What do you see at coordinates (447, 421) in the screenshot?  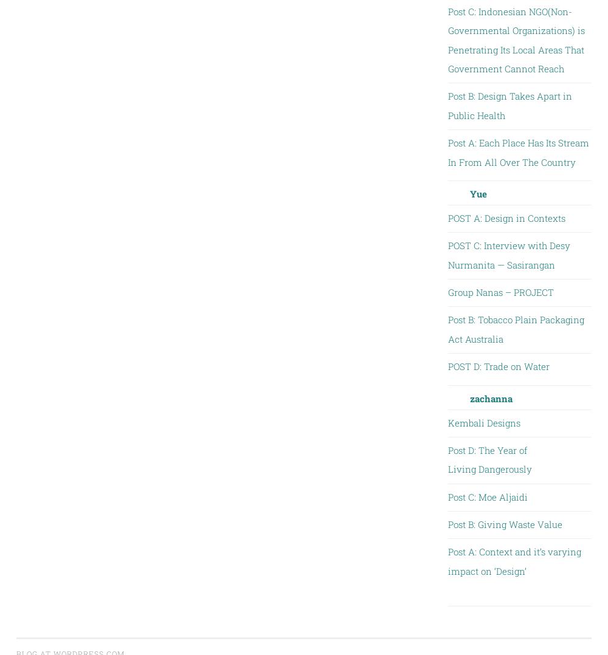 I see `'Kembali Designs'` at bounding box center [447, 421].